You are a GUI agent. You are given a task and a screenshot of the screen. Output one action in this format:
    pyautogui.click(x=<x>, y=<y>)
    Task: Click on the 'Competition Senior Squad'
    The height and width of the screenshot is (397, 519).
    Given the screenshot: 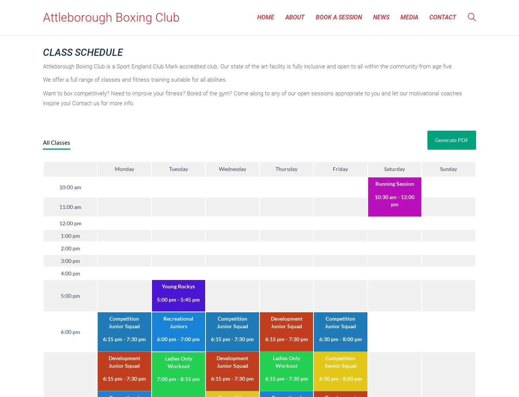 What is the action you would take?
    pyautogui.click(x=324, y=361)
    